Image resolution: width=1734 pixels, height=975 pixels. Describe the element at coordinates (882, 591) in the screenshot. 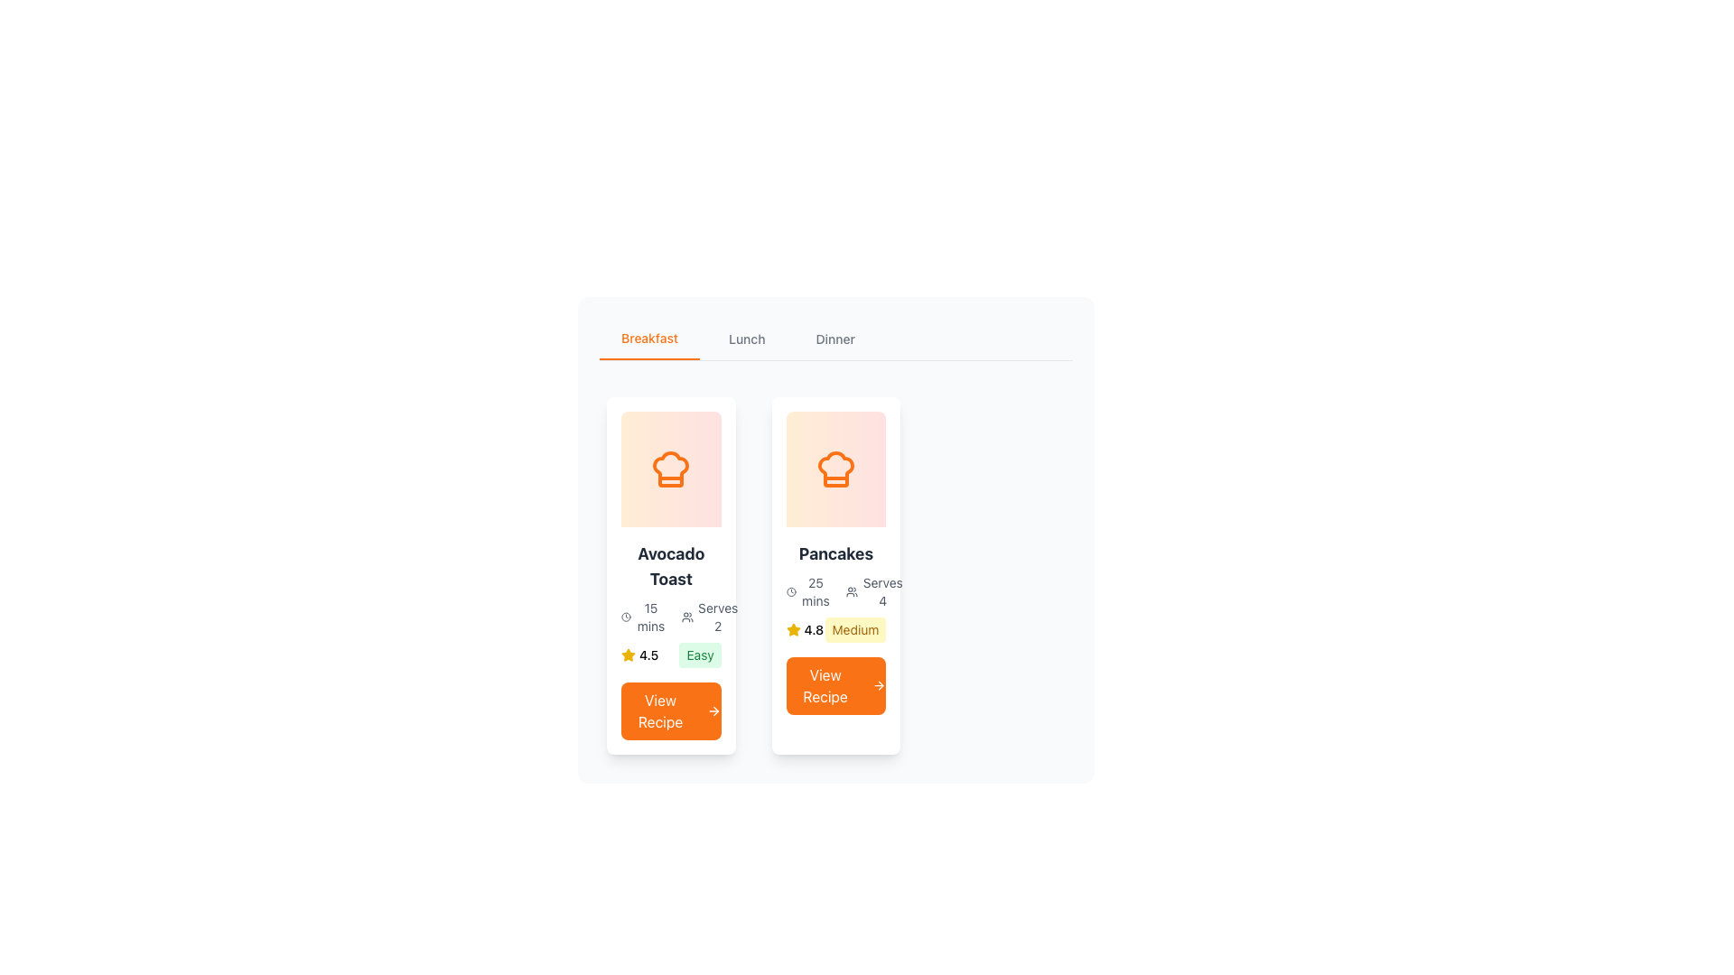

I see `the static text label indicating the number of servings for the 'Pancakes' recipe, located on the right side below the header and next to the icon representing individuals` at that location.